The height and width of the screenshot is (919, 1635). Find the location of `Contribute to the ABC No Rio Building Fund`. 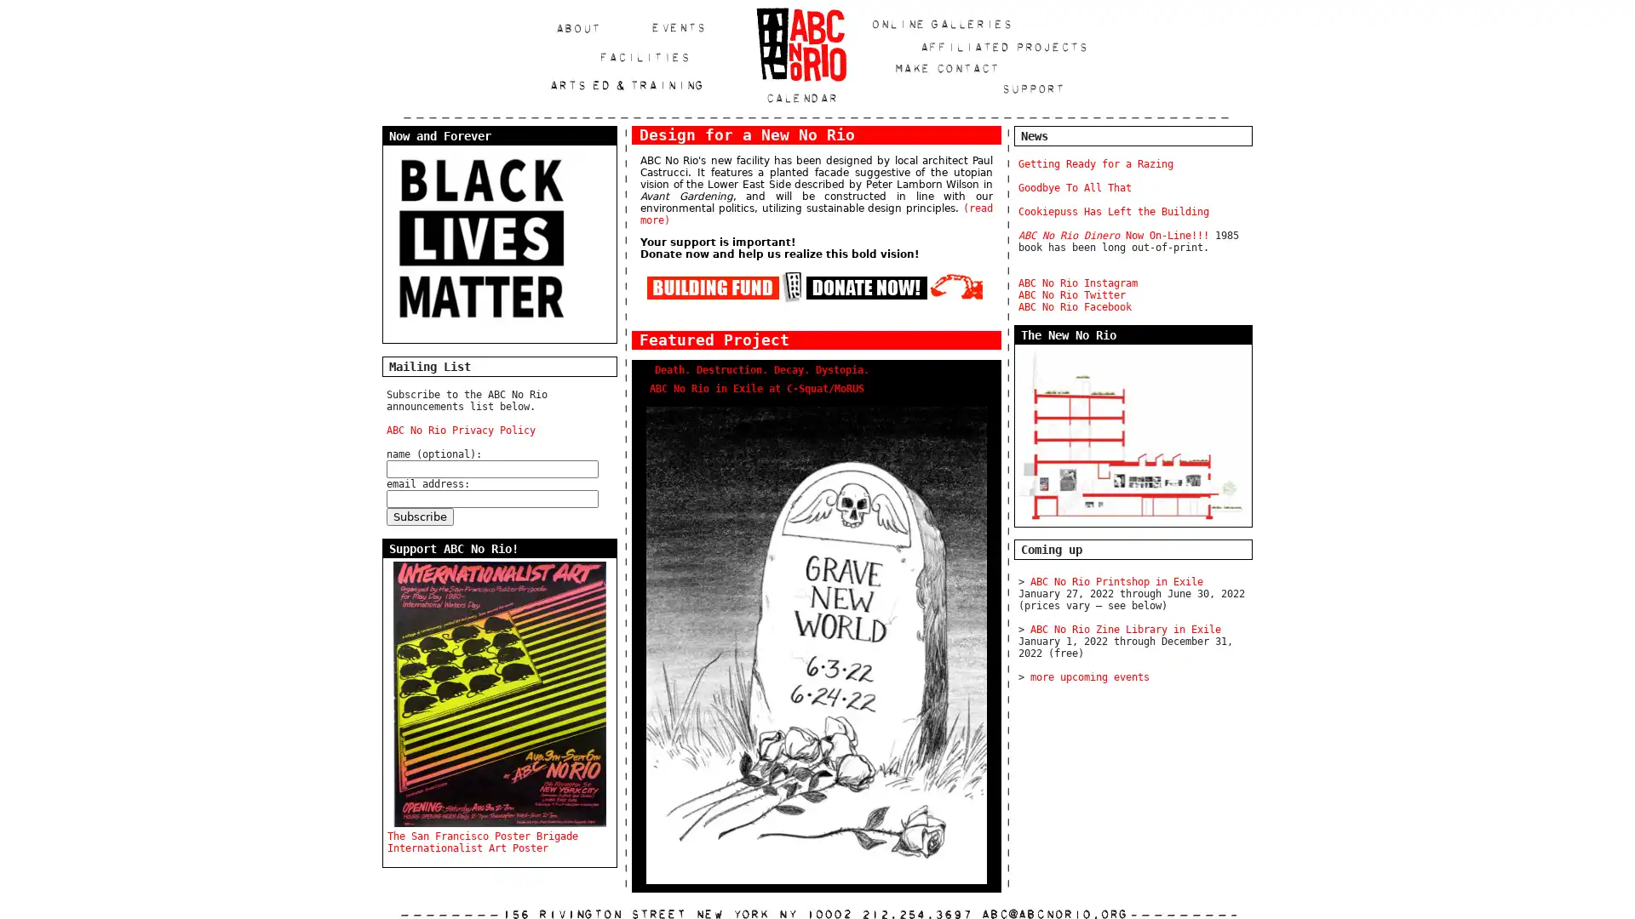

Contribute to the ABC No Rio Building Fund is located at coordinates (812, 287).